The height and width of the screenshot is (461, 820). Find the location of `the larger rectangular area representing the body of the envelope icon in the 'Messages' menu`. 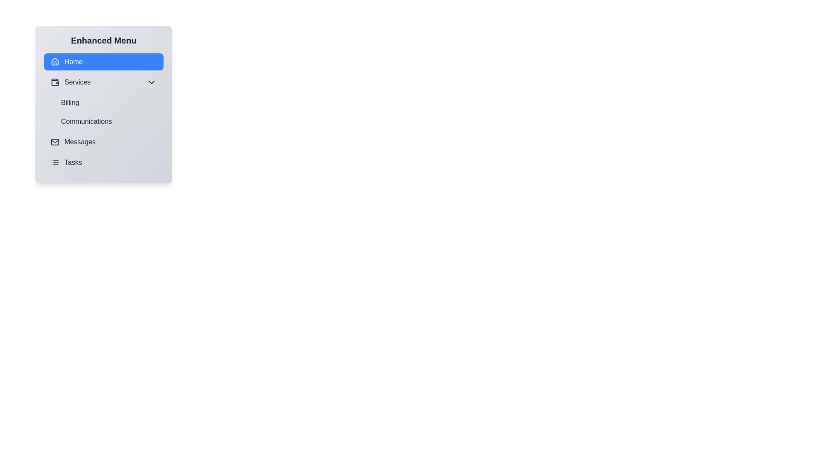

the larger rectangular area representing the body of the envelope icon in the 'Messages' menu is located at coordinates (55, 141).